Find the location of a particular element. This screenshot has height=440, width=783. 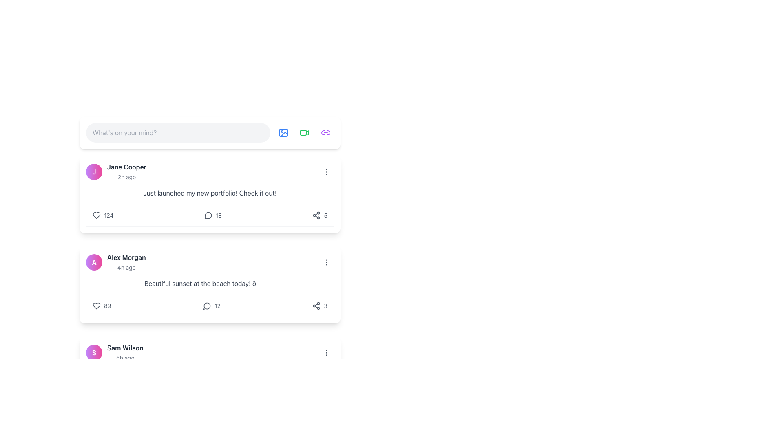

the speech bubble icon, which has a minimalist black outline and is positioned directly below a social media post by 'Jane Cooper' is located at coordinates (208, 215).